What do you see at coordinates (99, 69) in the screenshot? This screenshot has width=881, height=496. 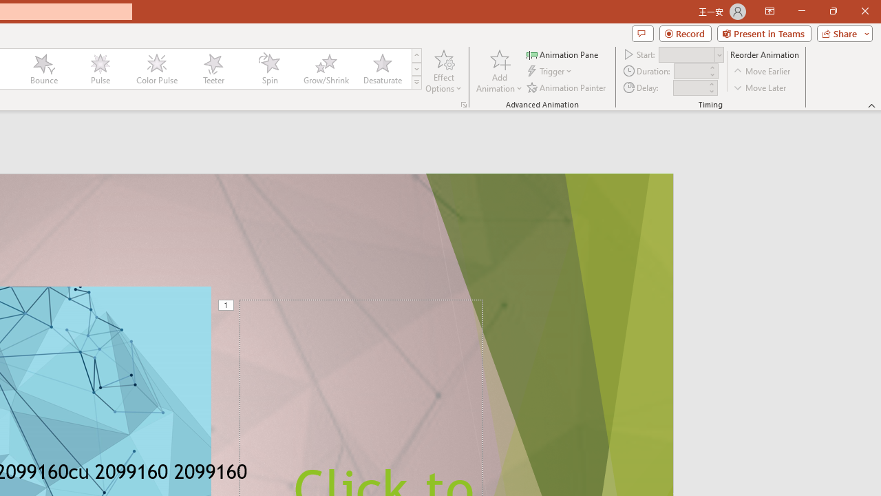 I see `'Pulse'` at bounding box center [99, 69].